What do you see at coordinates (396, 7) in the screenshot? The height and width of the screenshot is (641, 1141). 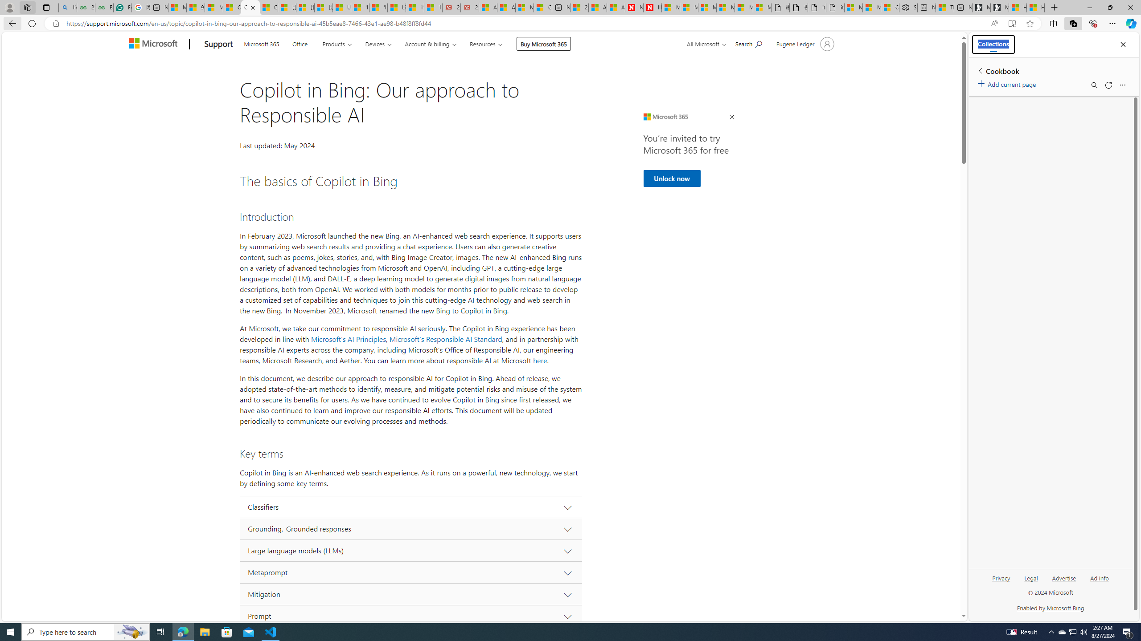 I see `'Lifestyle - MSN'` at bounding box center [396, 7].